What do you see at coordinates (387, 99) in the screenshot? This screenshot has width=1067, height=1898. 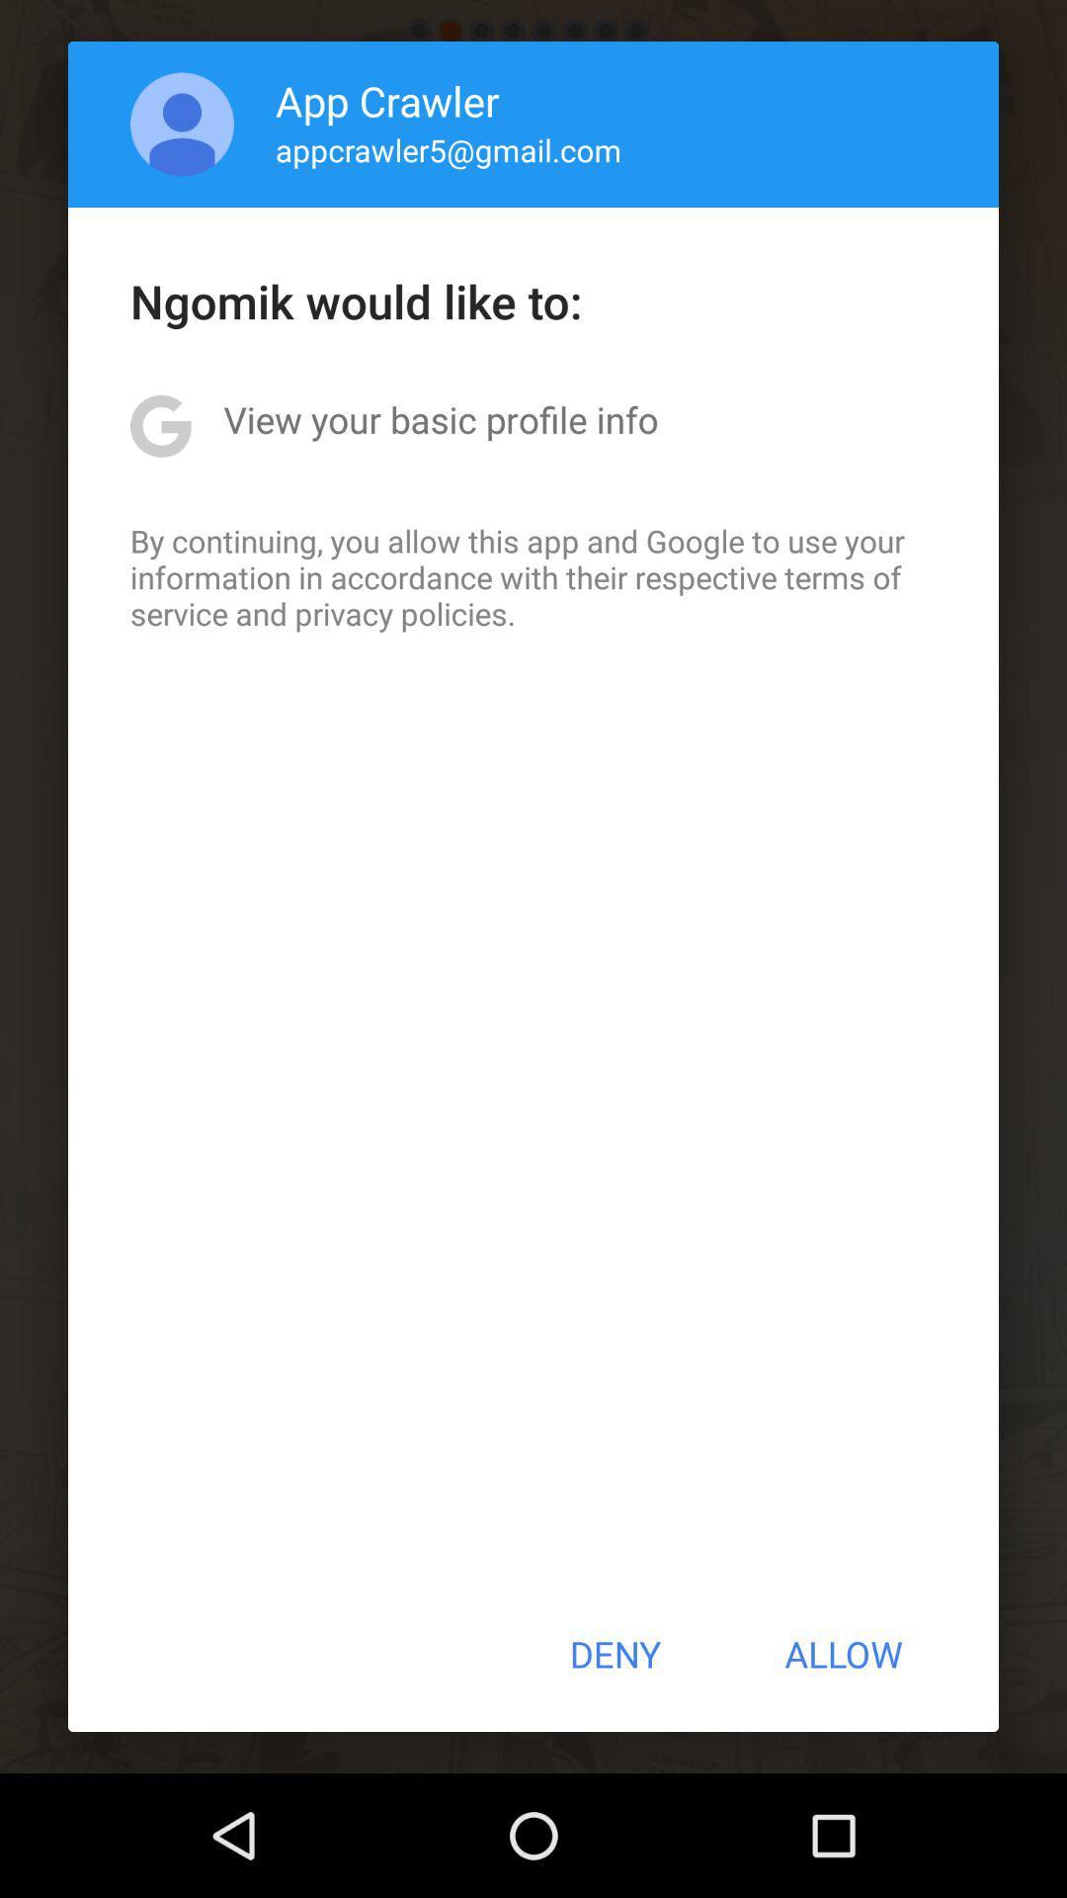 I see `app crawler` at bounding box center [387, 99].